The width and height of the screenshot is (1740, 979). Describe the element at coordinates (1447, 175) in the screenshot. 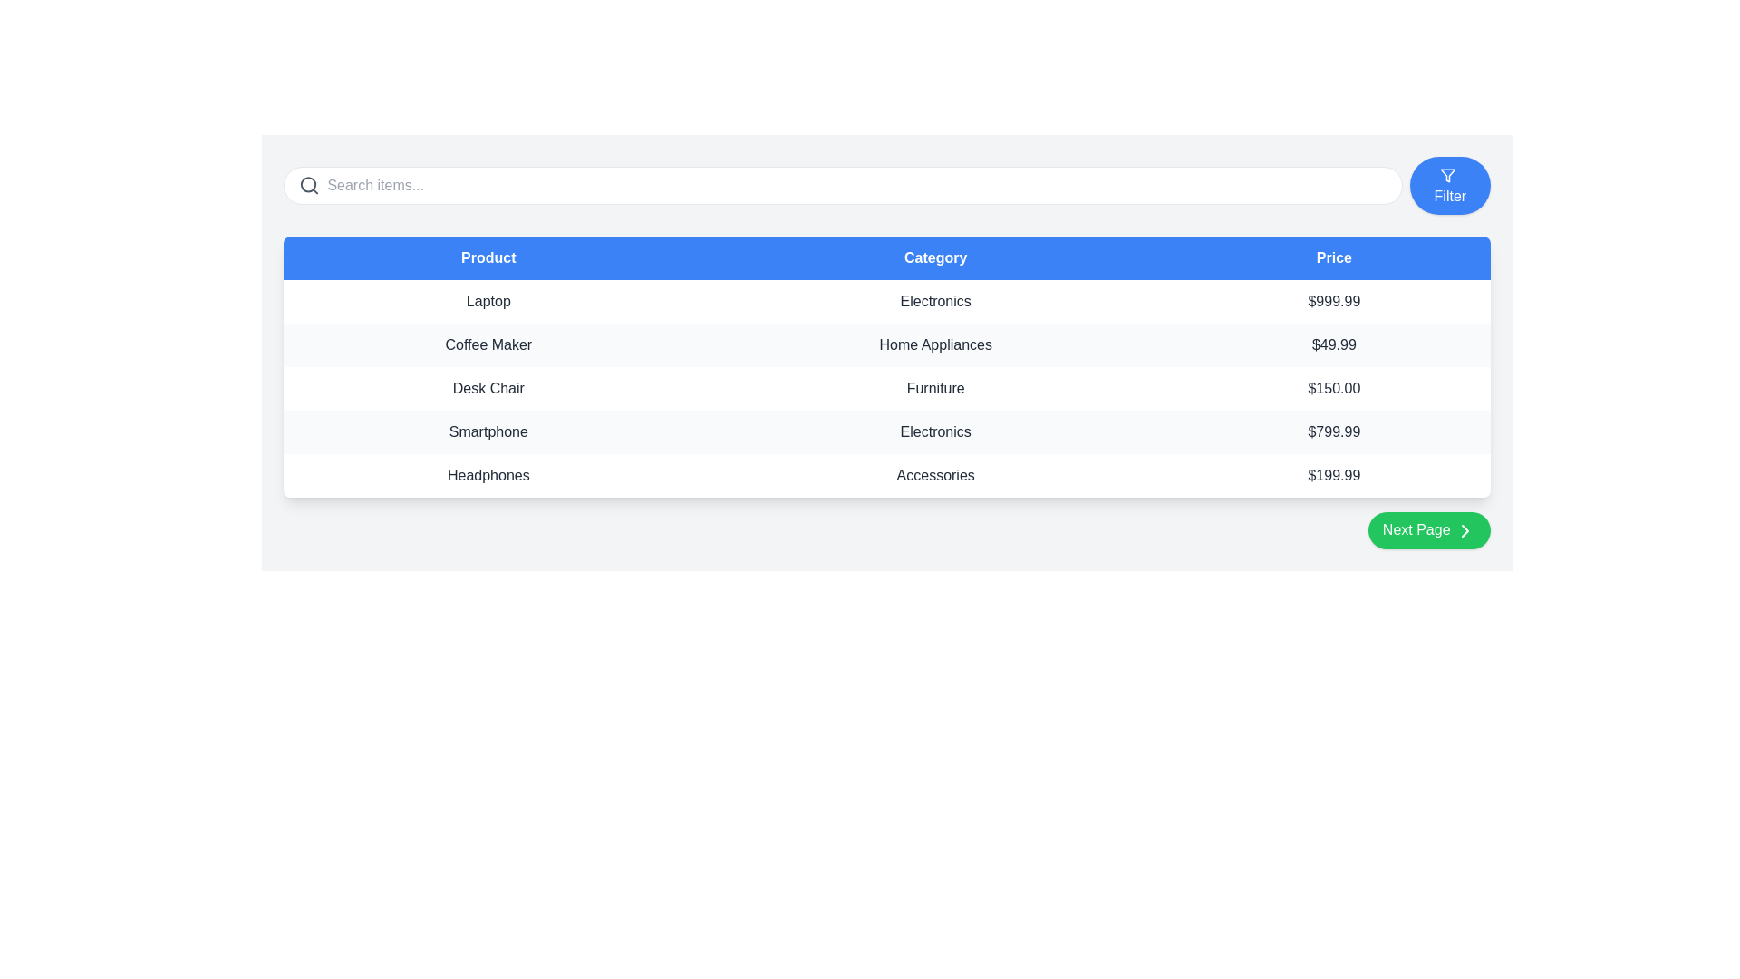

I see `the funnel-shaped icon located in the top-right corner of the application interface` at that location.